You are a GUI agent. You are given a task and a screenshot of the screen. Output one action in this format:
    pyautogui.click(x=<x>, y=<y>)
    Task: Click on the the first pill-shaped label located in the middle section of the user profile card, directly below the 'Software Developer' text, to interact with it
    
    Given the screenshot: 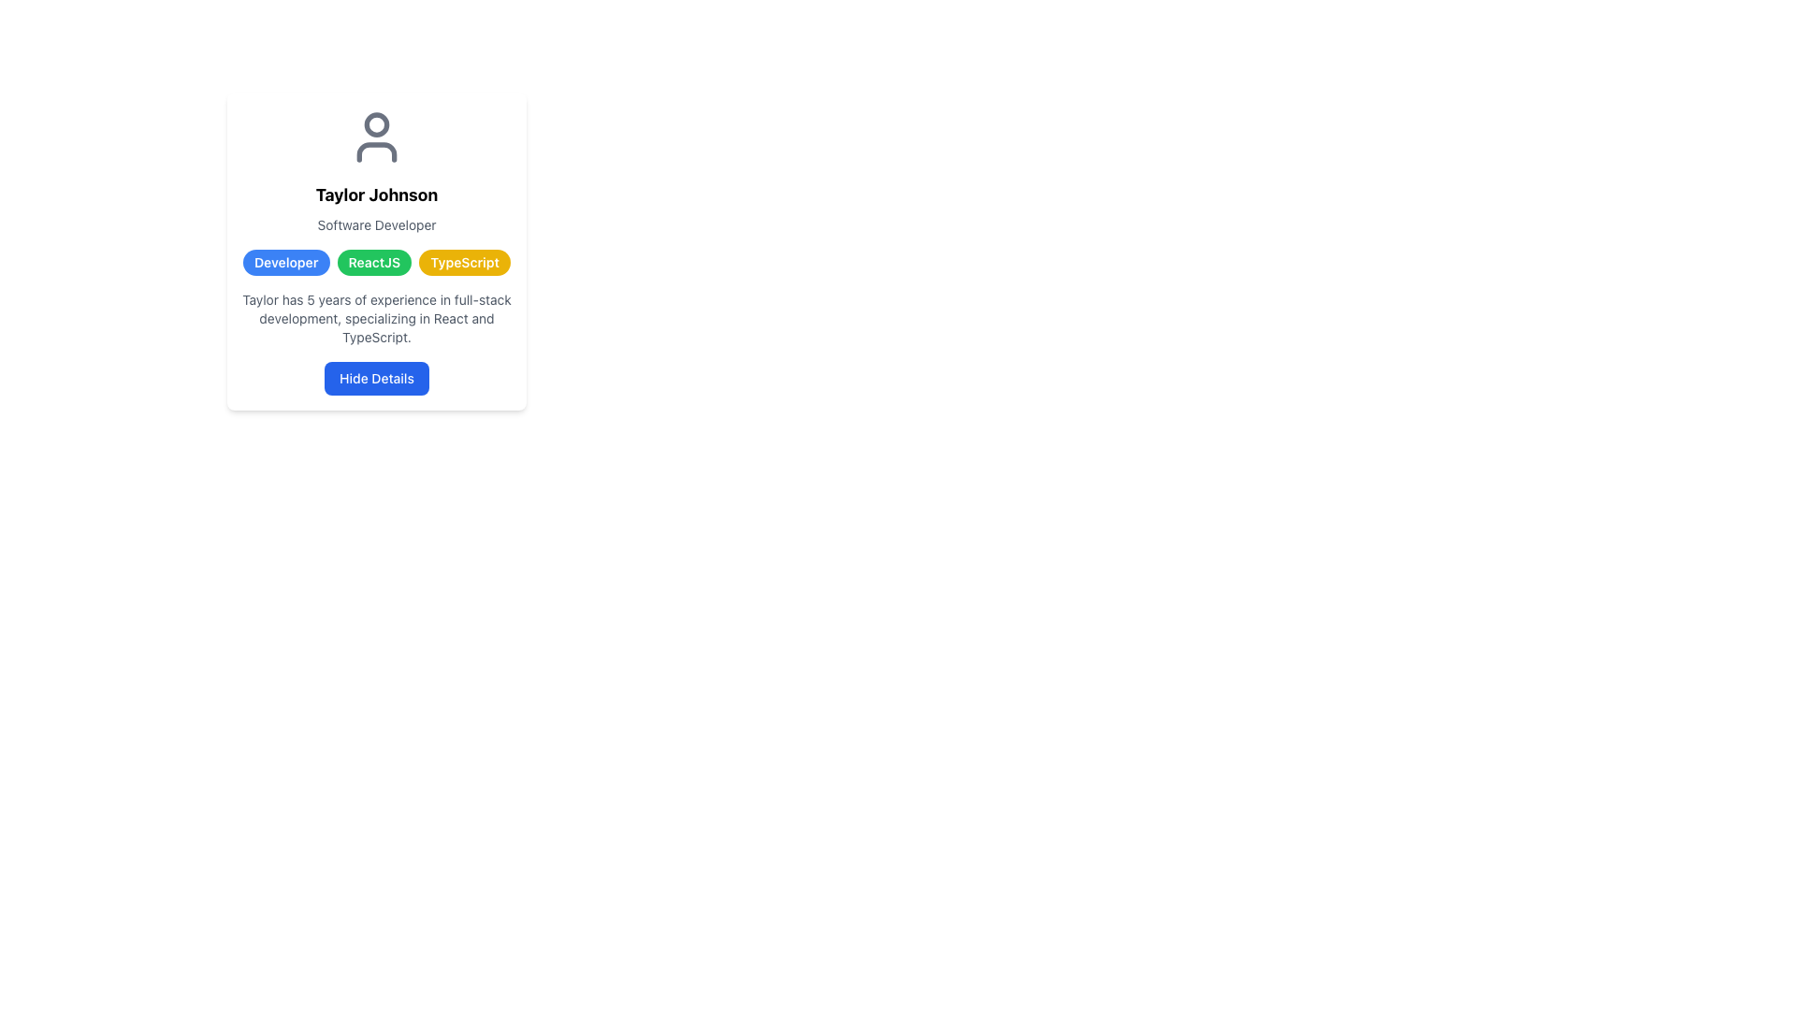 What is the action you would take?
    pyautogui.click(x=285, y=263)
    